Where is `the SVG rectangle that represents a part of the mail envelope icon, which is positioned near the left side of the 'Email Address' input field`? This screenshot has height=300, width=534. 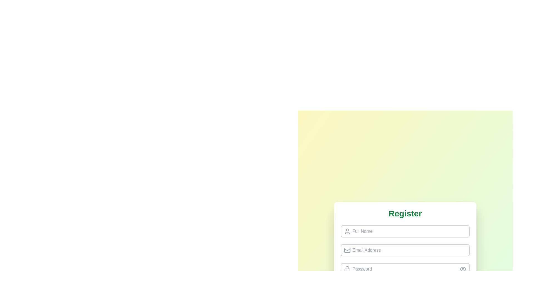
the SVG rectangle that represents a part of the mail envelope icon, which is positioned near the left side of the 'Email Address' input field is located at coordinates (347, 250).